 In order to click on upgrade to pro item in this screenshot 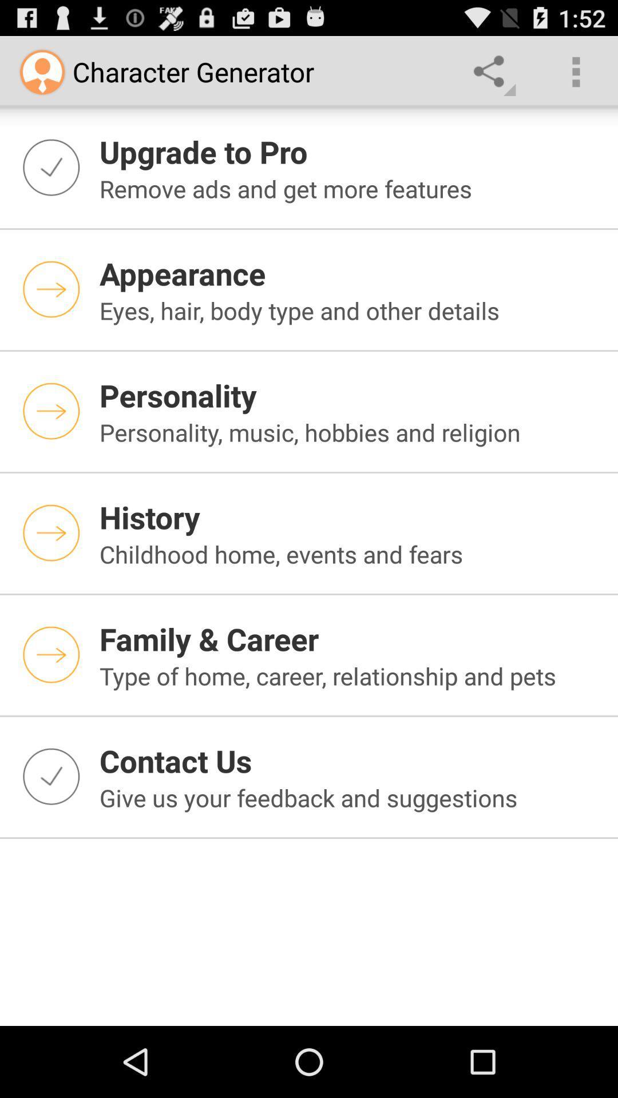, I will do `click(351, 151)`.